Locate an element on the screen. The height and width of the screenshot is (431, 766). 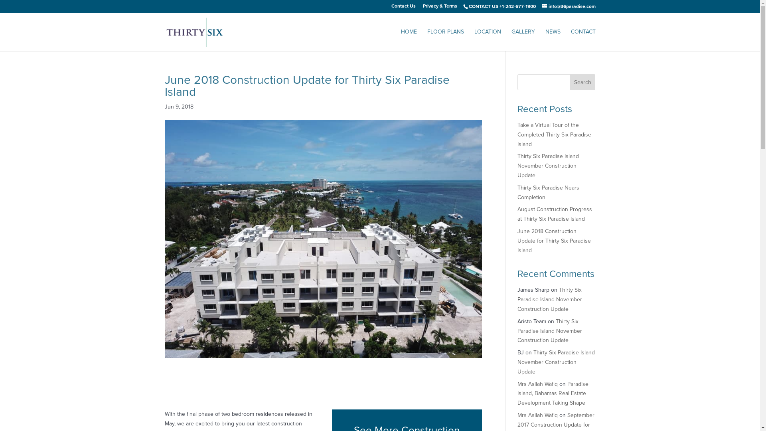
'Mrs Asilah Wafiq' is located at coordinates (537, 415).